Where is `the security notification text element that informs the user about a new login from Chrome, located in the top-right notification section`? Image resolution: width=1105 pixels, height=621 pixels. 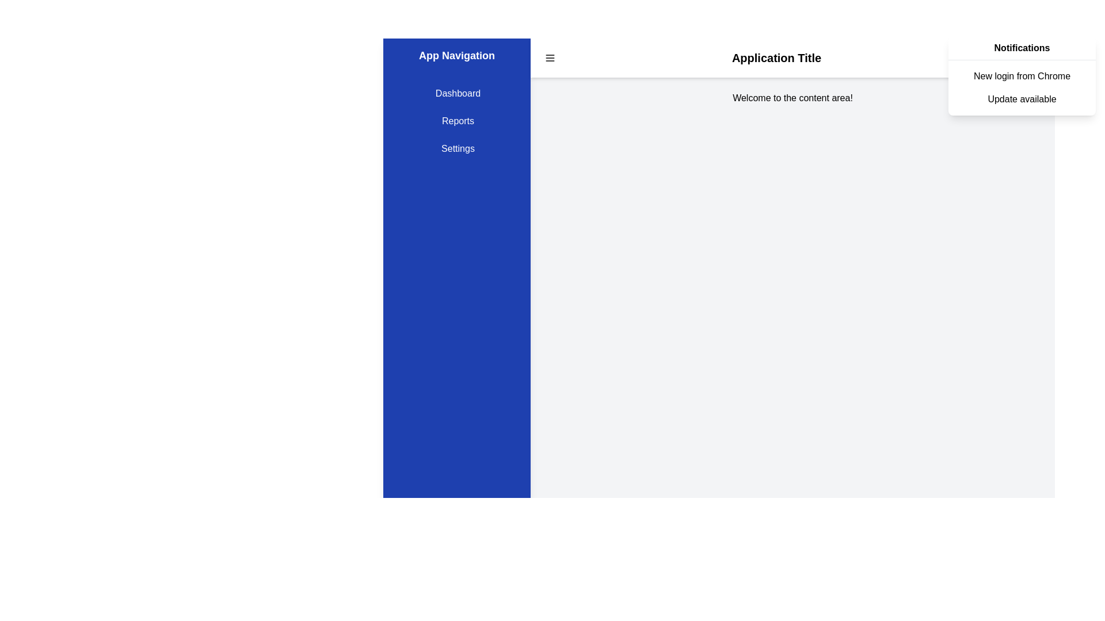 the security notification text element that informs the user about a new login from Chrome, located in the top-right notification section is located at coordinates (1022, 76).